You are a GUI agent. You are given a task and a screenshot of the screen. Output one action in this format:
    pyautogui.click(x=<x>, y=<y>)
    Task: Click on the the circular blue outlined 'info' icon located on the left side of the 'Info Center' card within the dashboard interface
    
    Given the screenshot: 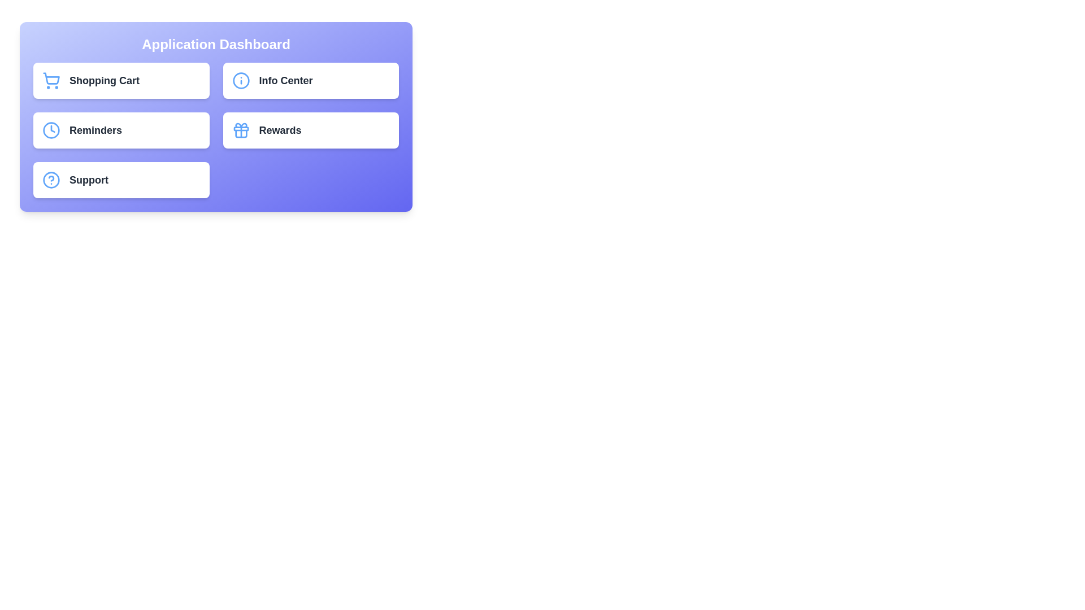 What is the action you would take?
    pyautogui.click(x=240, y=80)
    